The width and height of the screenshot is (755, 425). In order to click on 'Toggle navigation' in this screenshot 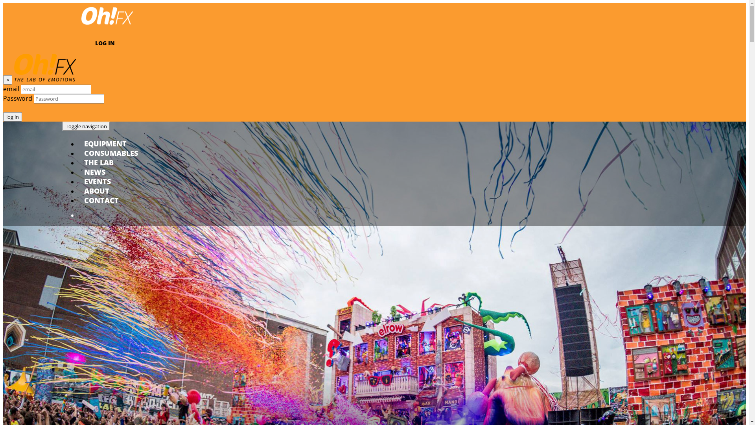, I will do `click(86, 126)`.